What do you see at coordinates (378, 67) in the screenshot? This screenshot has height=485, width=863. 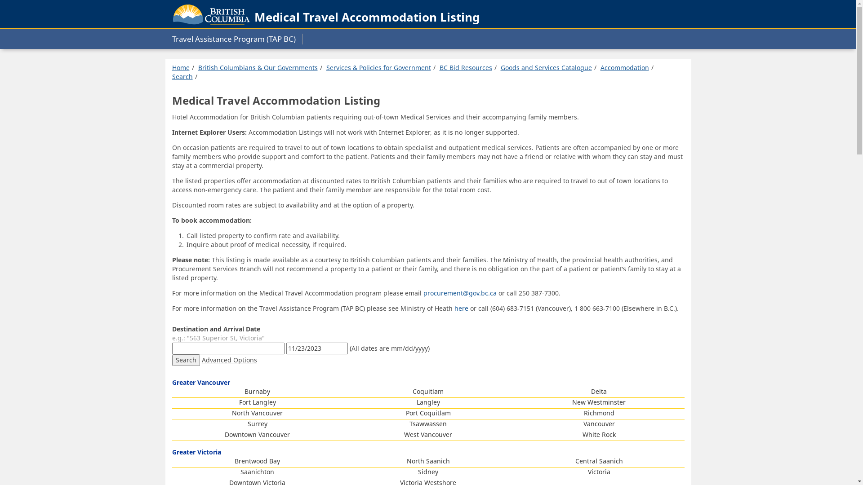 I see `'Services & Policies for Government'` at bounding box center [378, 67].